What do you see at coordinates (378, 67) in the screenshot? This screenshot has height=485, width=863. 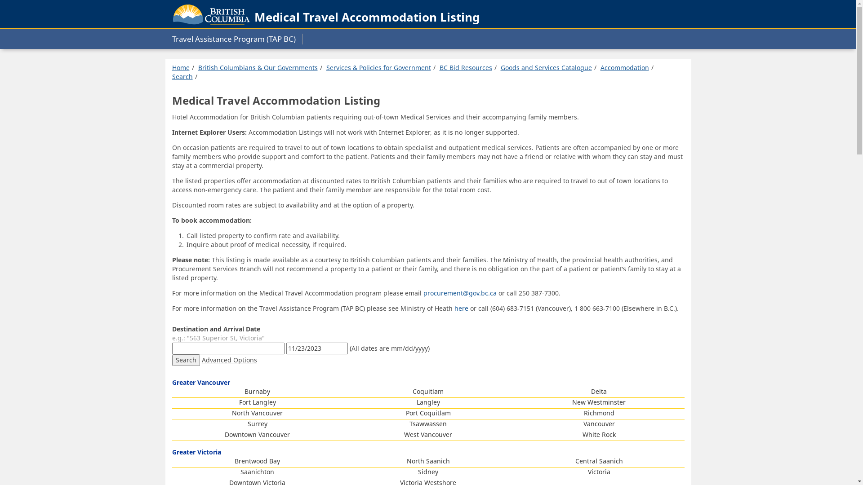 I see `'Services & Policies for Government'` at bounding box center [378, 67].